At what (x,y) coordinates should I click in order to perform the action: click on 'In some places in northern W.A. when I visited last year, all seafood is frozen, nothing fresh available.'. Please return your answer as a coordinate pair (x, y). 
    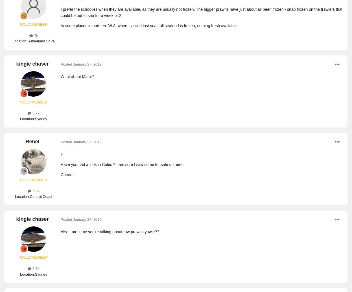
    Looking at the image, I should click on (149, 26).